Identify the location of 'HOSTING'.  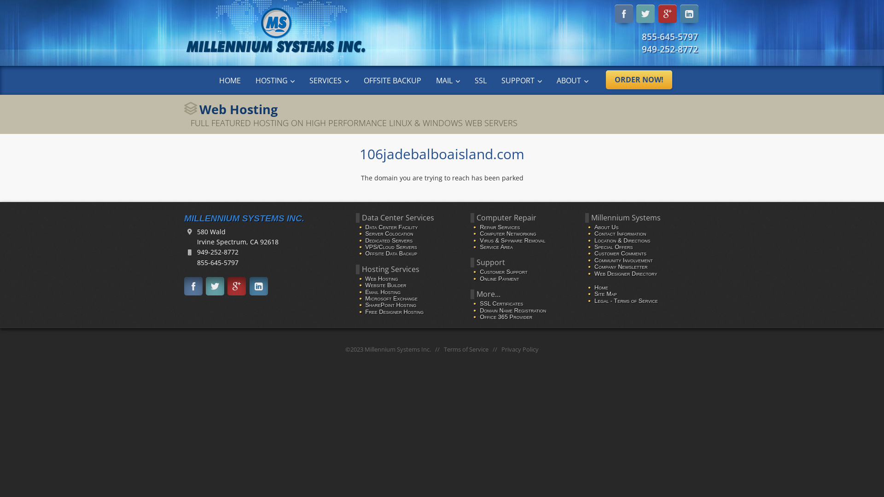
(275, 80).